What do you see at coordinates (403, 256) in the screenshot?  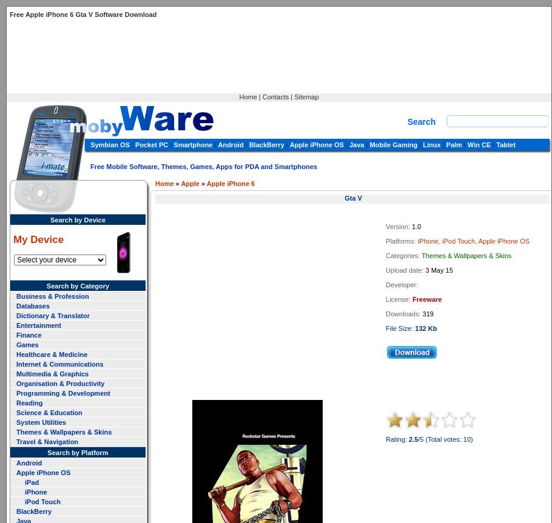 I see `'Categories:'` at bounding box center [403, 256].